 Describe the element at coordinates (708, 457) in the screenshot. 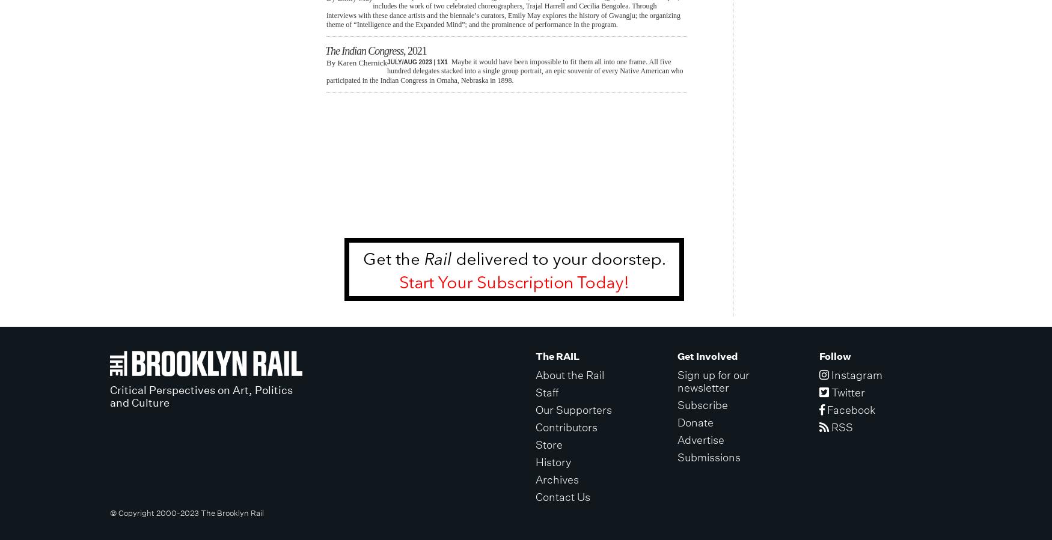

I see `'Submissions'` at that location.